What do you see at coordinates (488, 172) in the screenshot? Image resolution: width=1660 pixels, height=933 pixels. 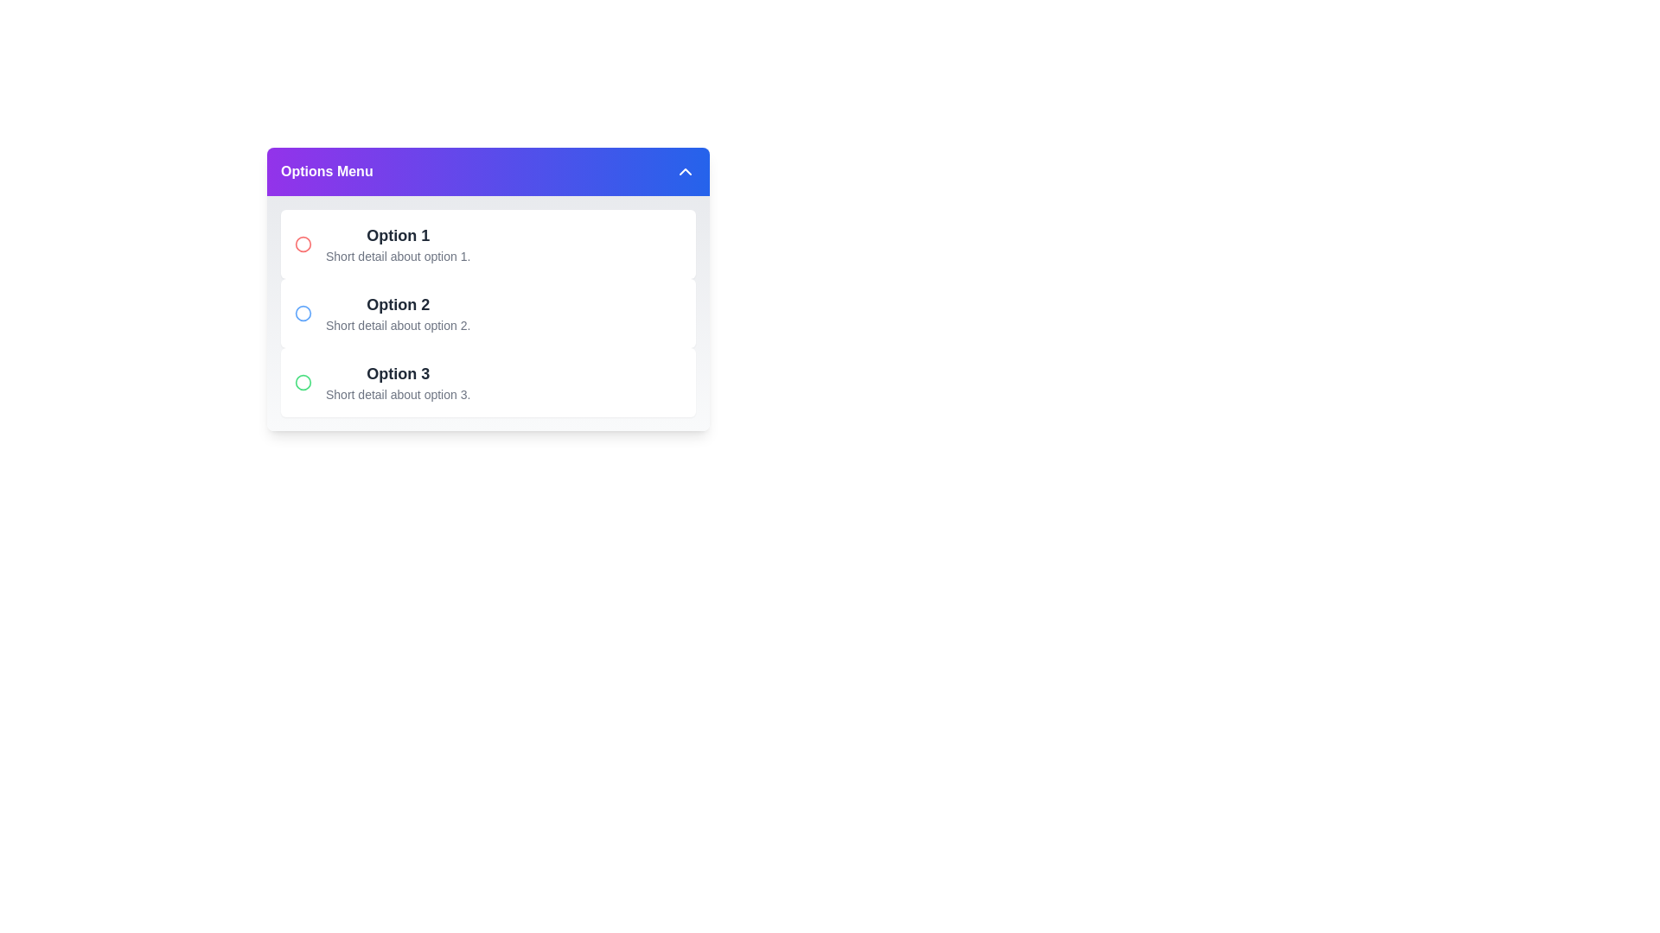 I see `the 'Options Menu' button to toggle the menu visibility` at bounding box center [488, 172].